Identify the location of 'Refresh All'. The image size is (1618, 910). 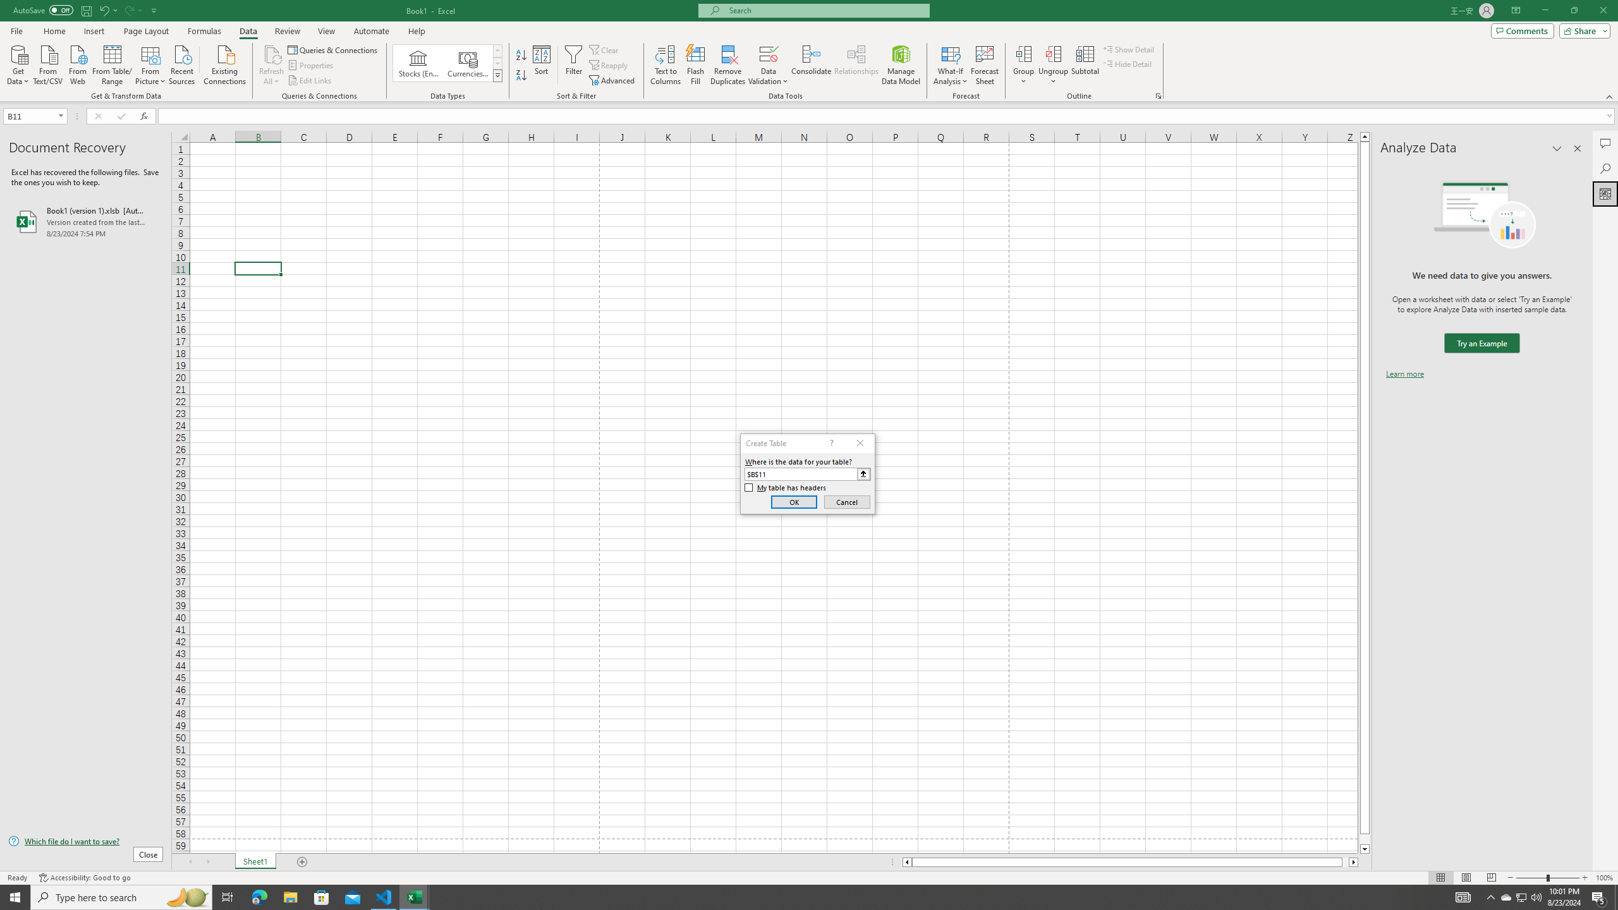
(271, 53).